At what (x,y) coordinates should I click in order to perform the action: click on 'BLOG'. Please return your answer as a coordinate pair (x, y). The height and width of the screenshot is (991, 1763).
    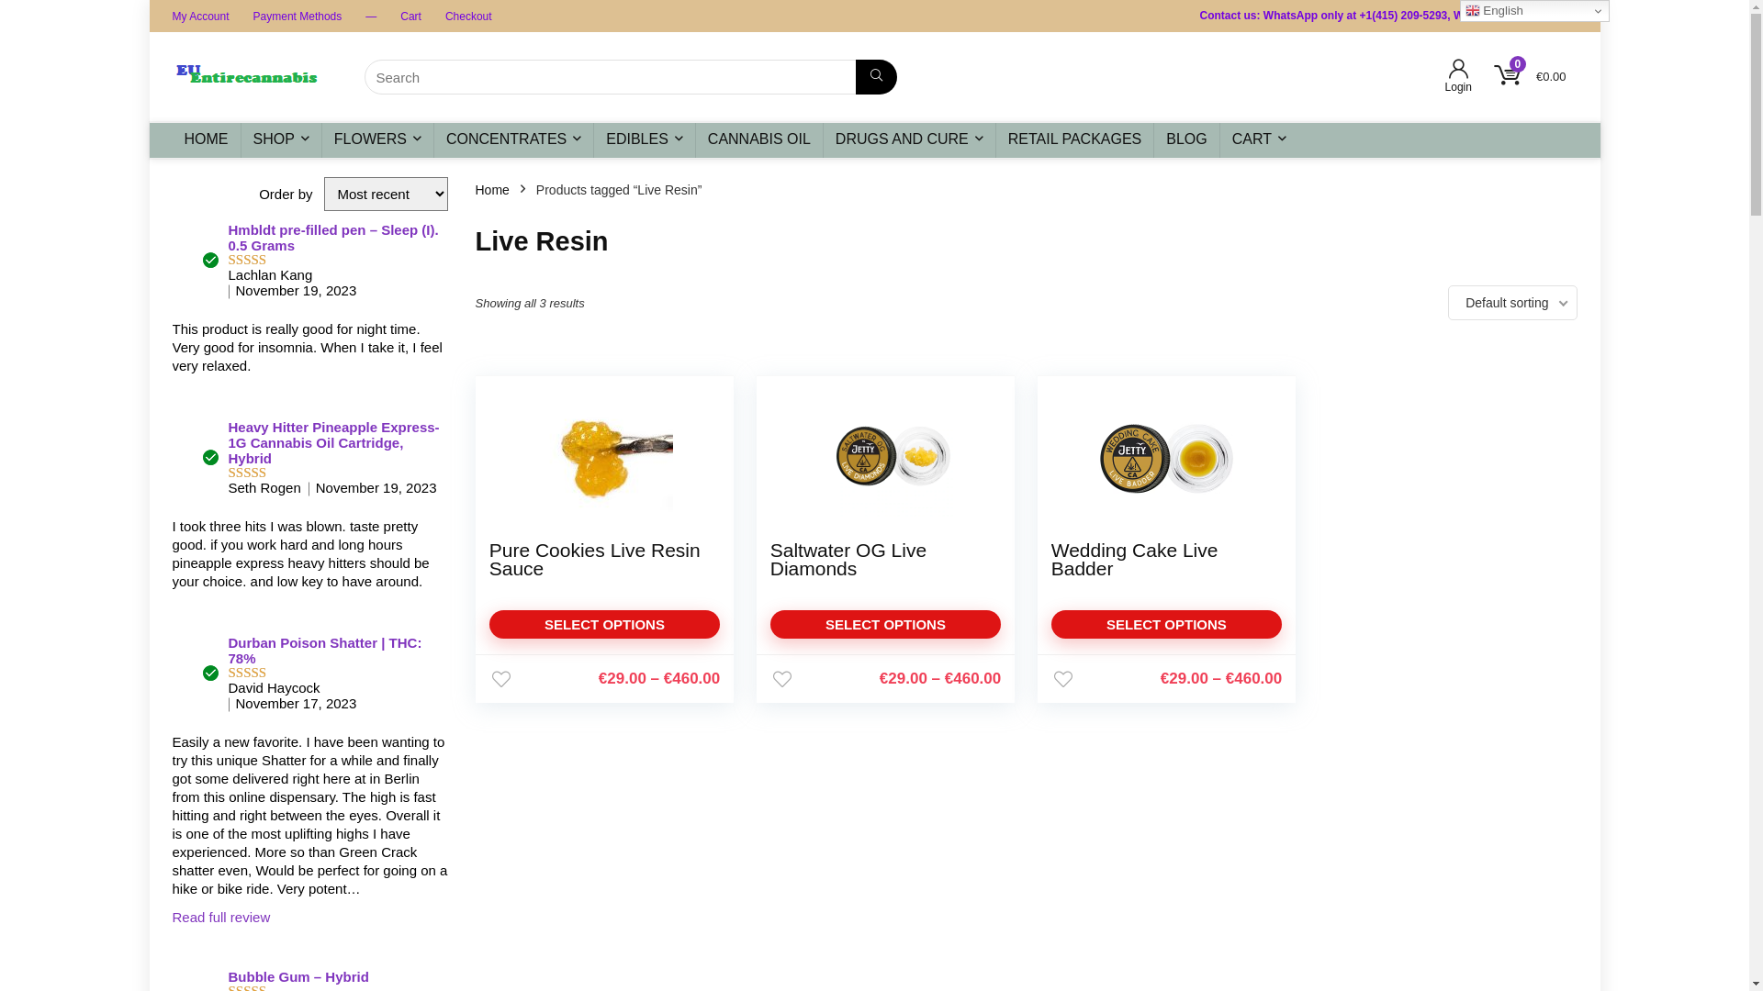
    Looking at the image, I should click on (1153, 139).